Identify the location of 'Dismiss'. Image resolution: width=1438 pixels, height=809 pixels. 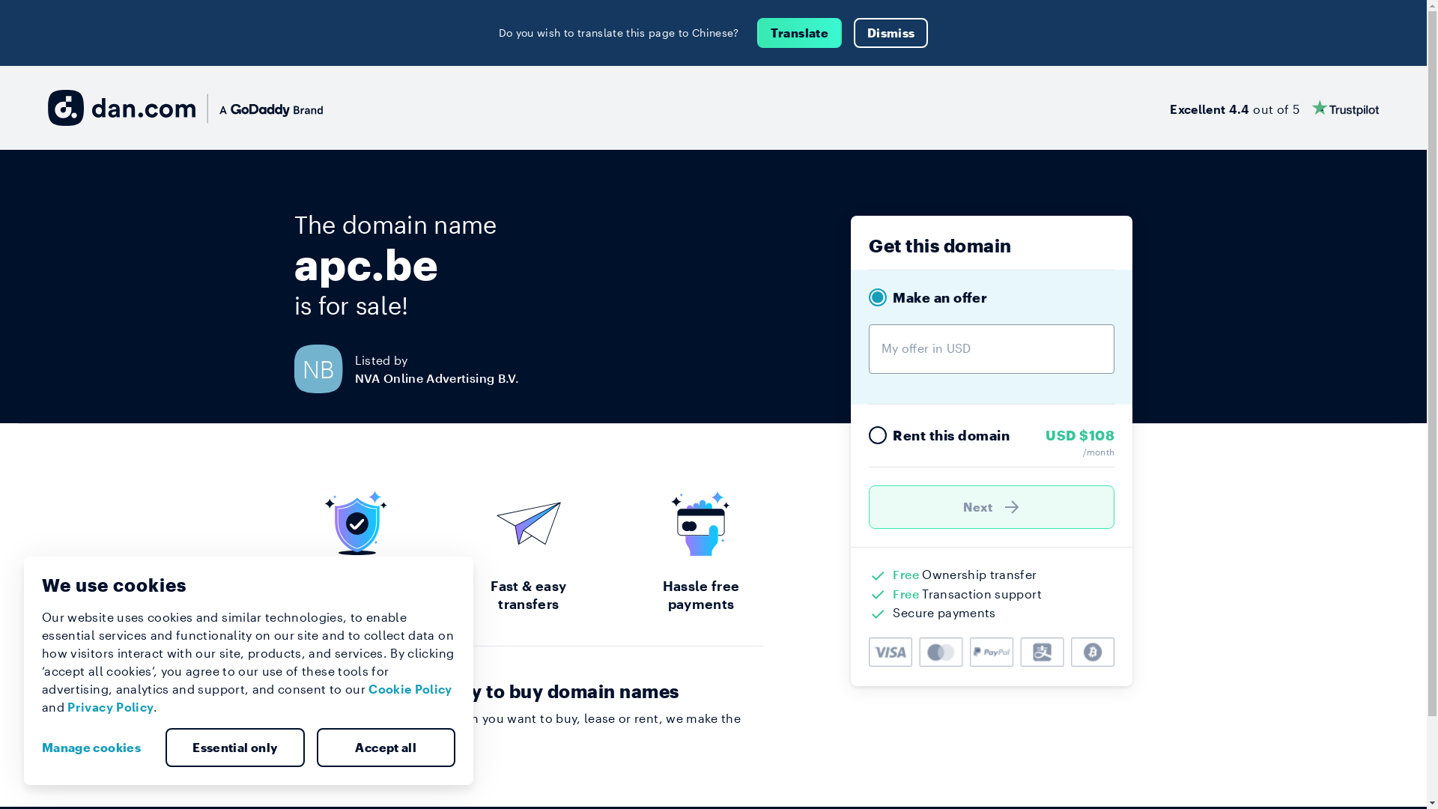
(854, 32).